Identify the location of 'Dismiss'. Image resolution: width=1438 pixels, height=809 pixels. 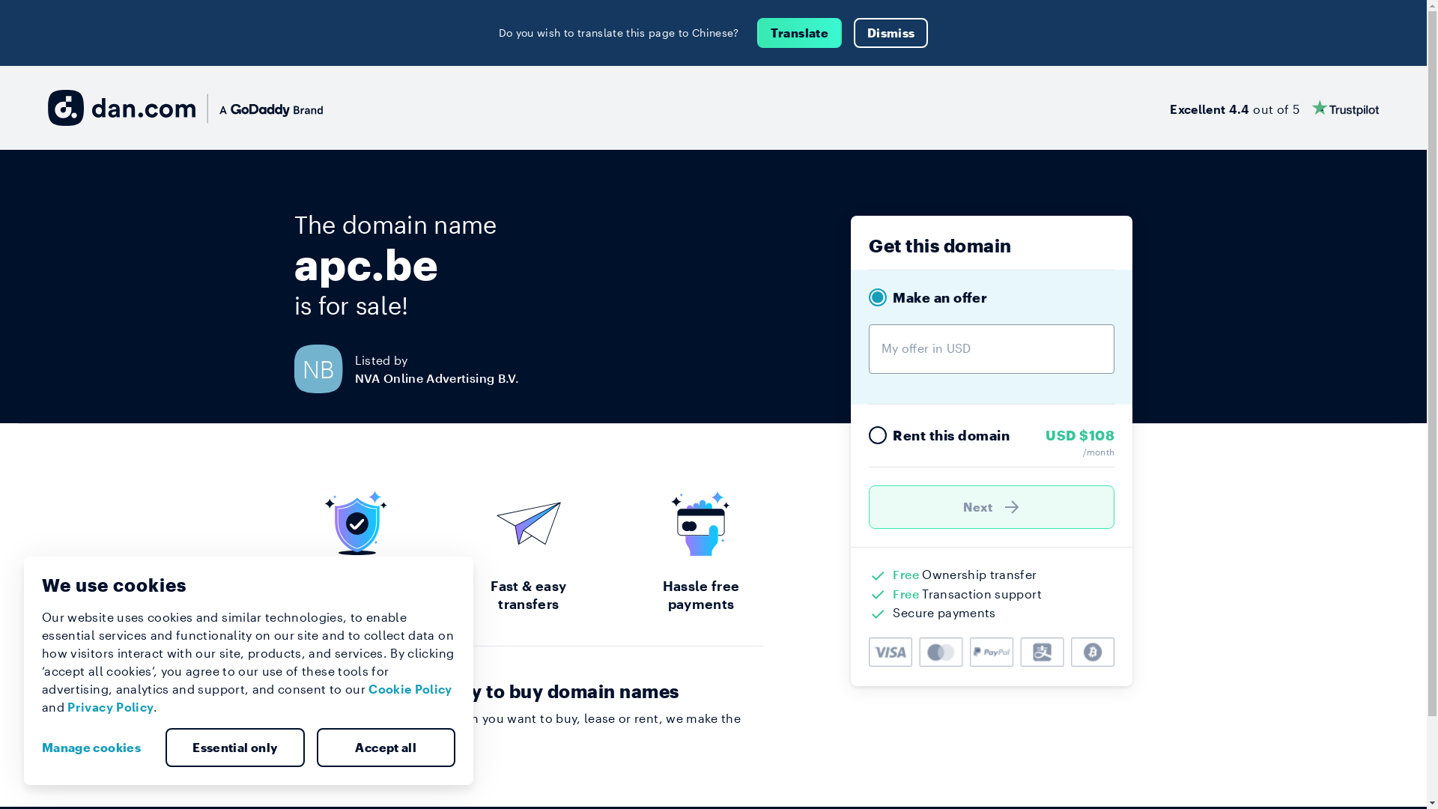
(854, 32).